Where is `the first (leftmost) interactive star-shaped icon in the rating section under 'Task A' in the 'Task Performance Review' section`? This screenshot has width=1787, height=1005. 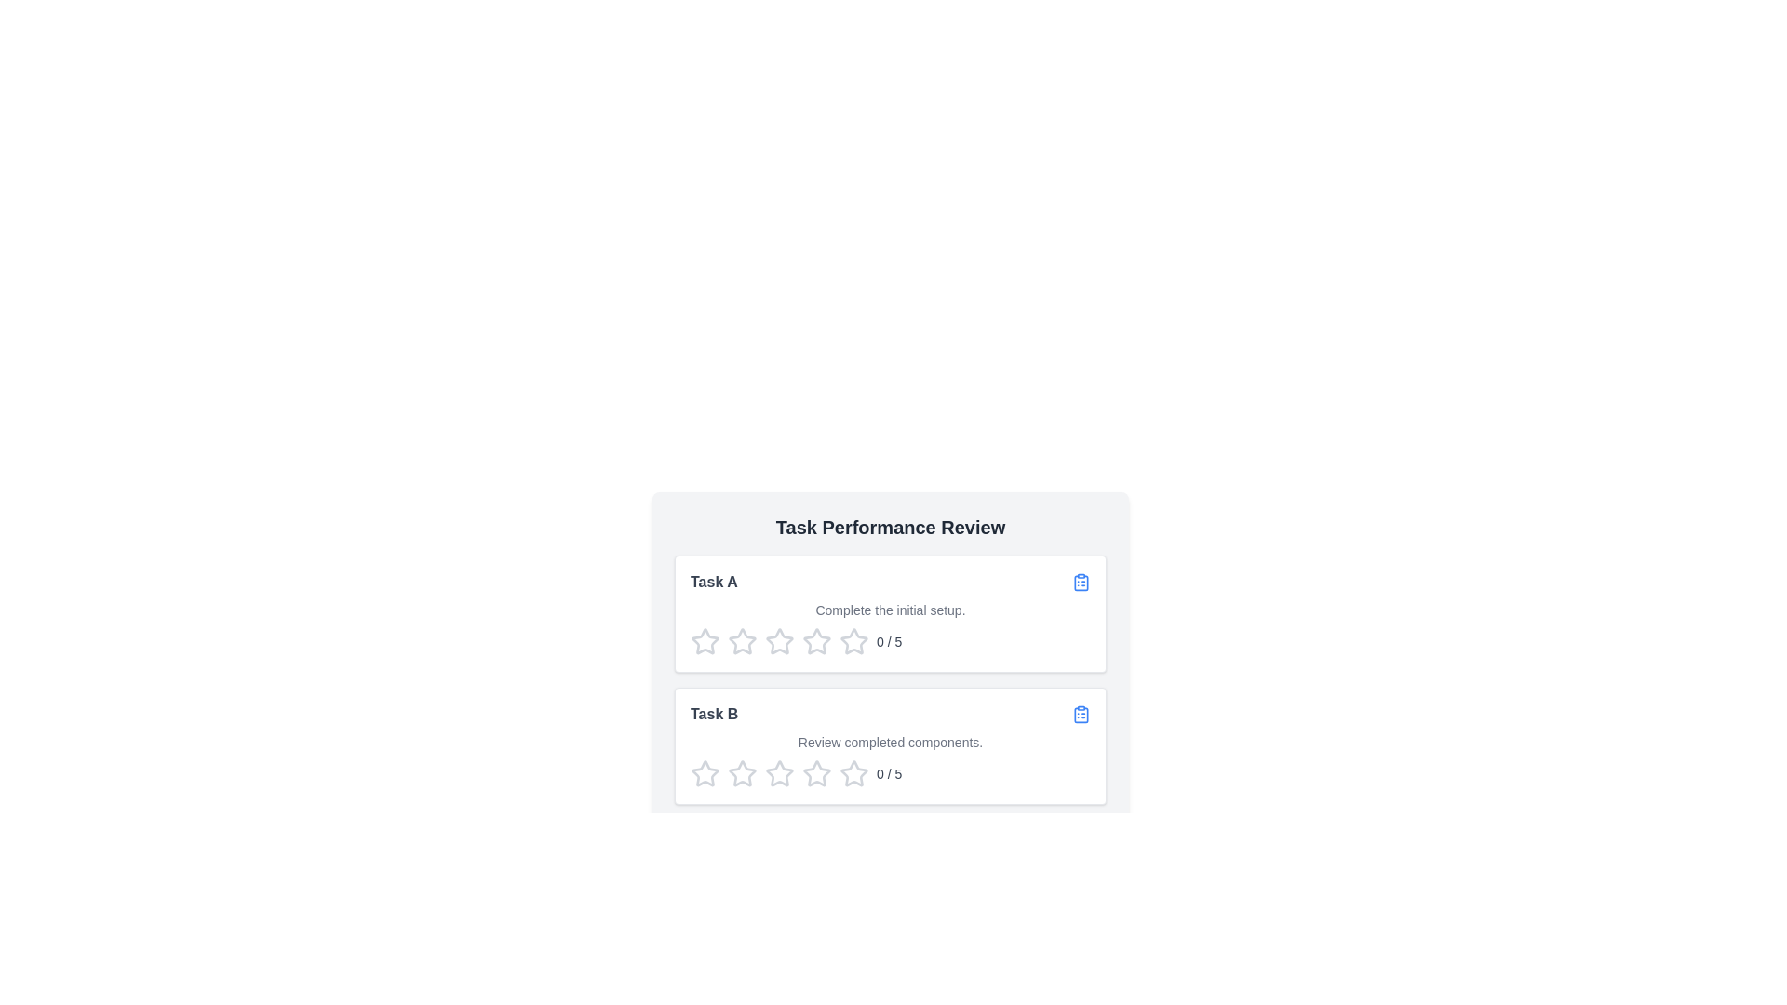 the first (leftmost) interactive star-shaped icon in the rating section under 'Task A' in the 'Task Performance Review' section is located at coordinates (741, 640).